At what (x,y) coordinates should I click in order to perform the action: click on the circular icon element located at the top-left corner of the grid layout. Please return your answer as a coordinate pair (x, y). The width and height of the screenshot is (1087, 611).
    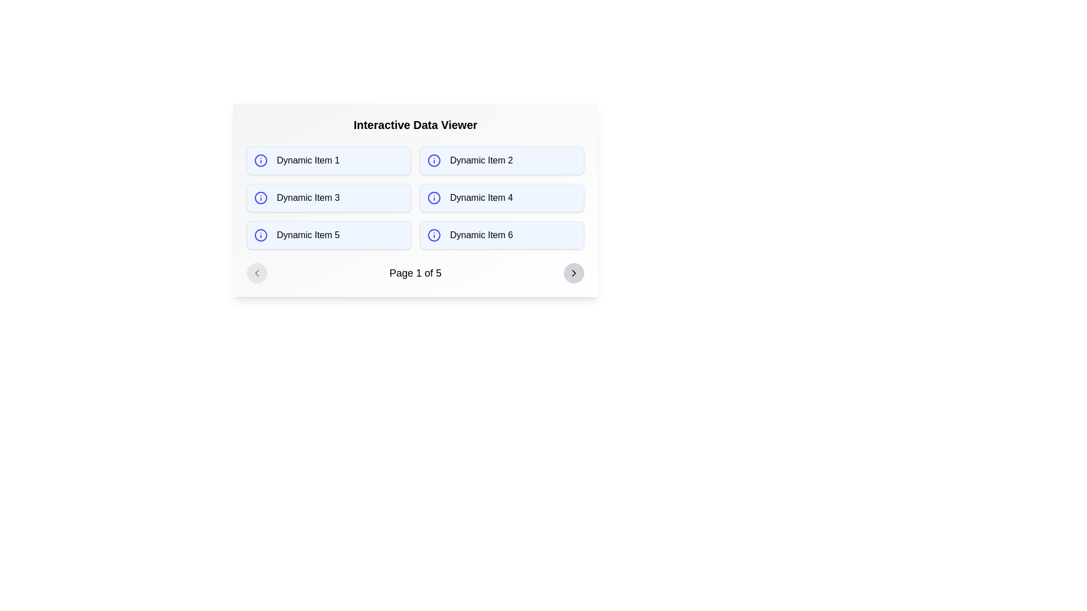
    Looking at the image, I should click on (260, 161).